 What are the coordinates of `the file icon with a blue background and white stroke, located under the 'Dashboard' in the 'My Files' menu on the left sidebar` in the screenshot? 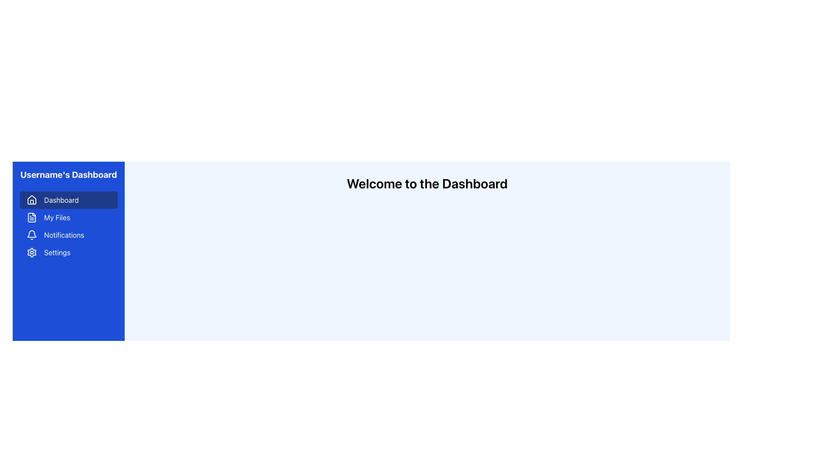 It's located at (31, 217).